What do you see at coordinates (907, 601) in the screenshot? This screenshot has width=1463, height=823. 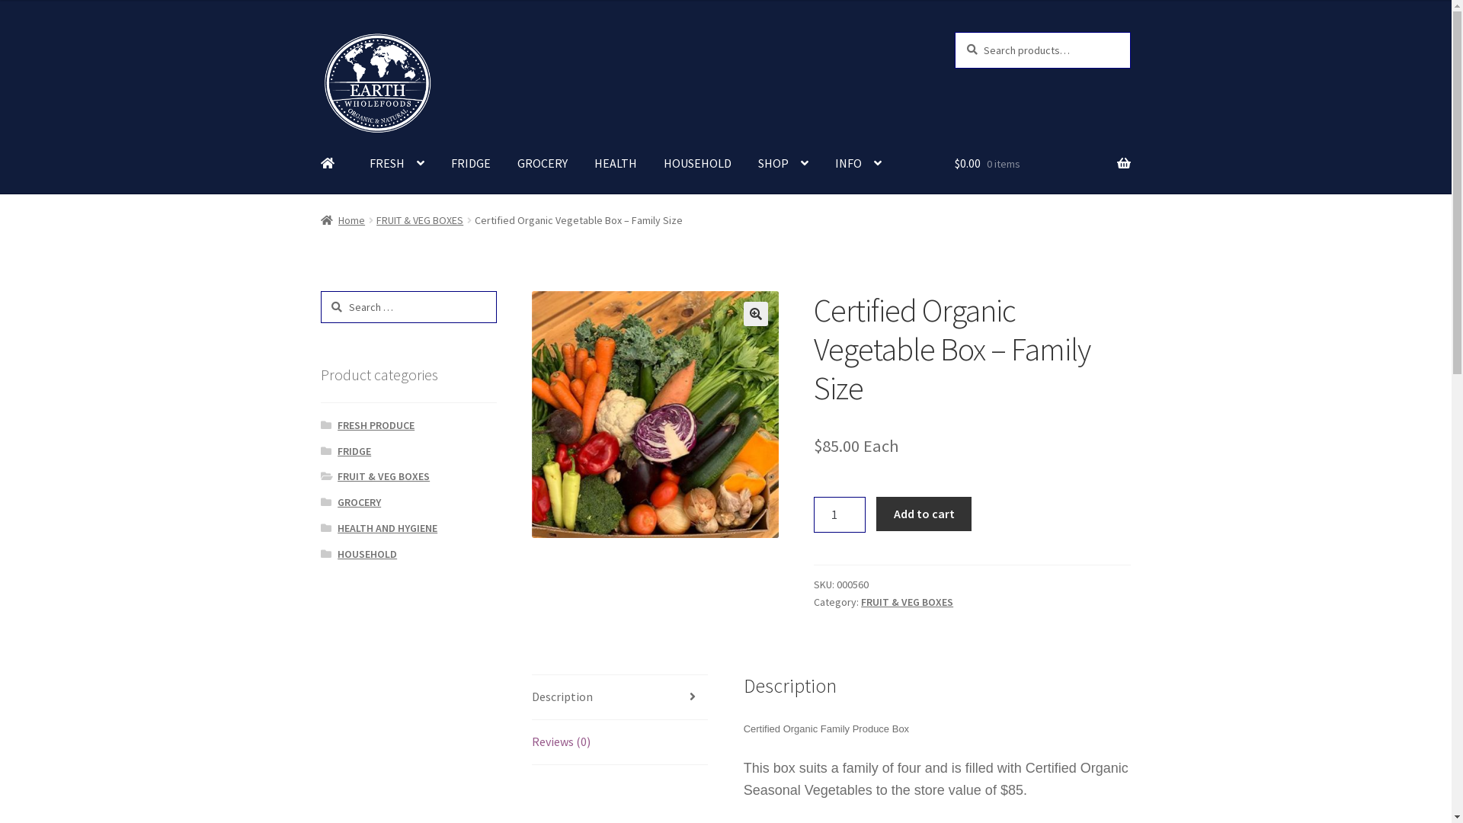 I see `'FRUIT & VEG BOXES'` at bounding box center [907, 601].